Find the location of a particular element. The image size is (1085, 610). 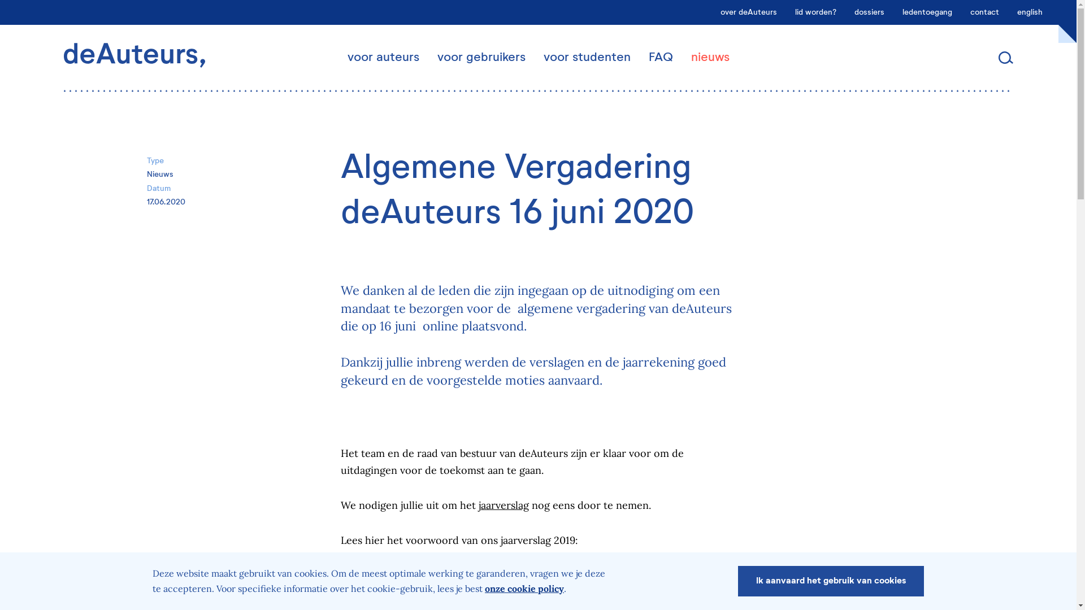

'FAQ' is located at coordinates (640, 58).